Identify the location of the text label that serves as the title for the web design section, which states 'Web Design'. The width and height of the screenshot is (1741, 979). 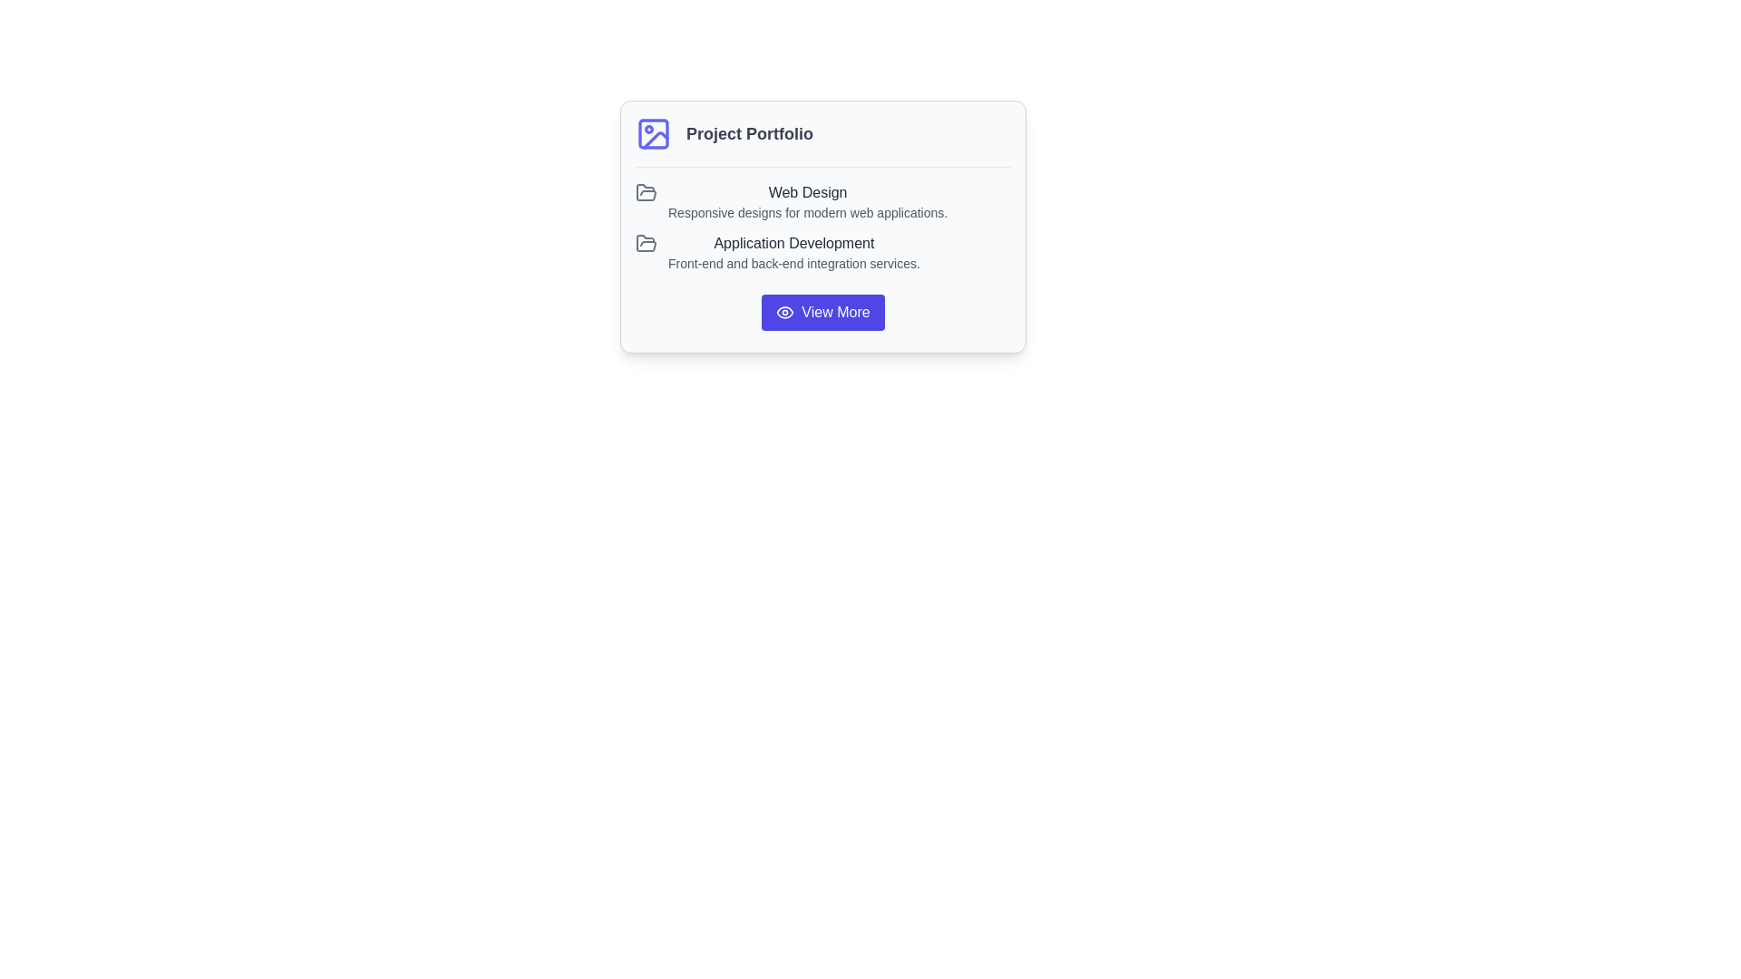
(807, 192).